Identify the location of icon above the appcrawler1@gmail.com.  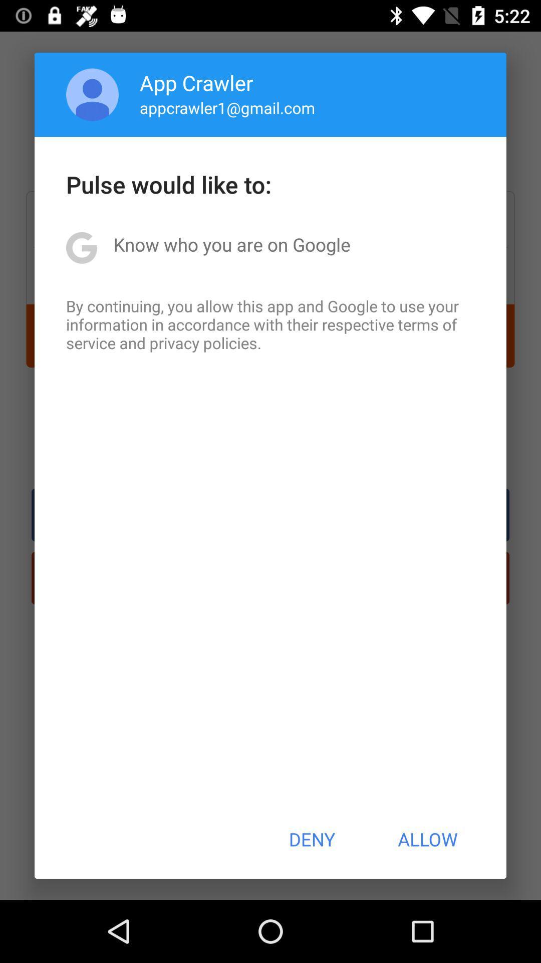
(196, 82).